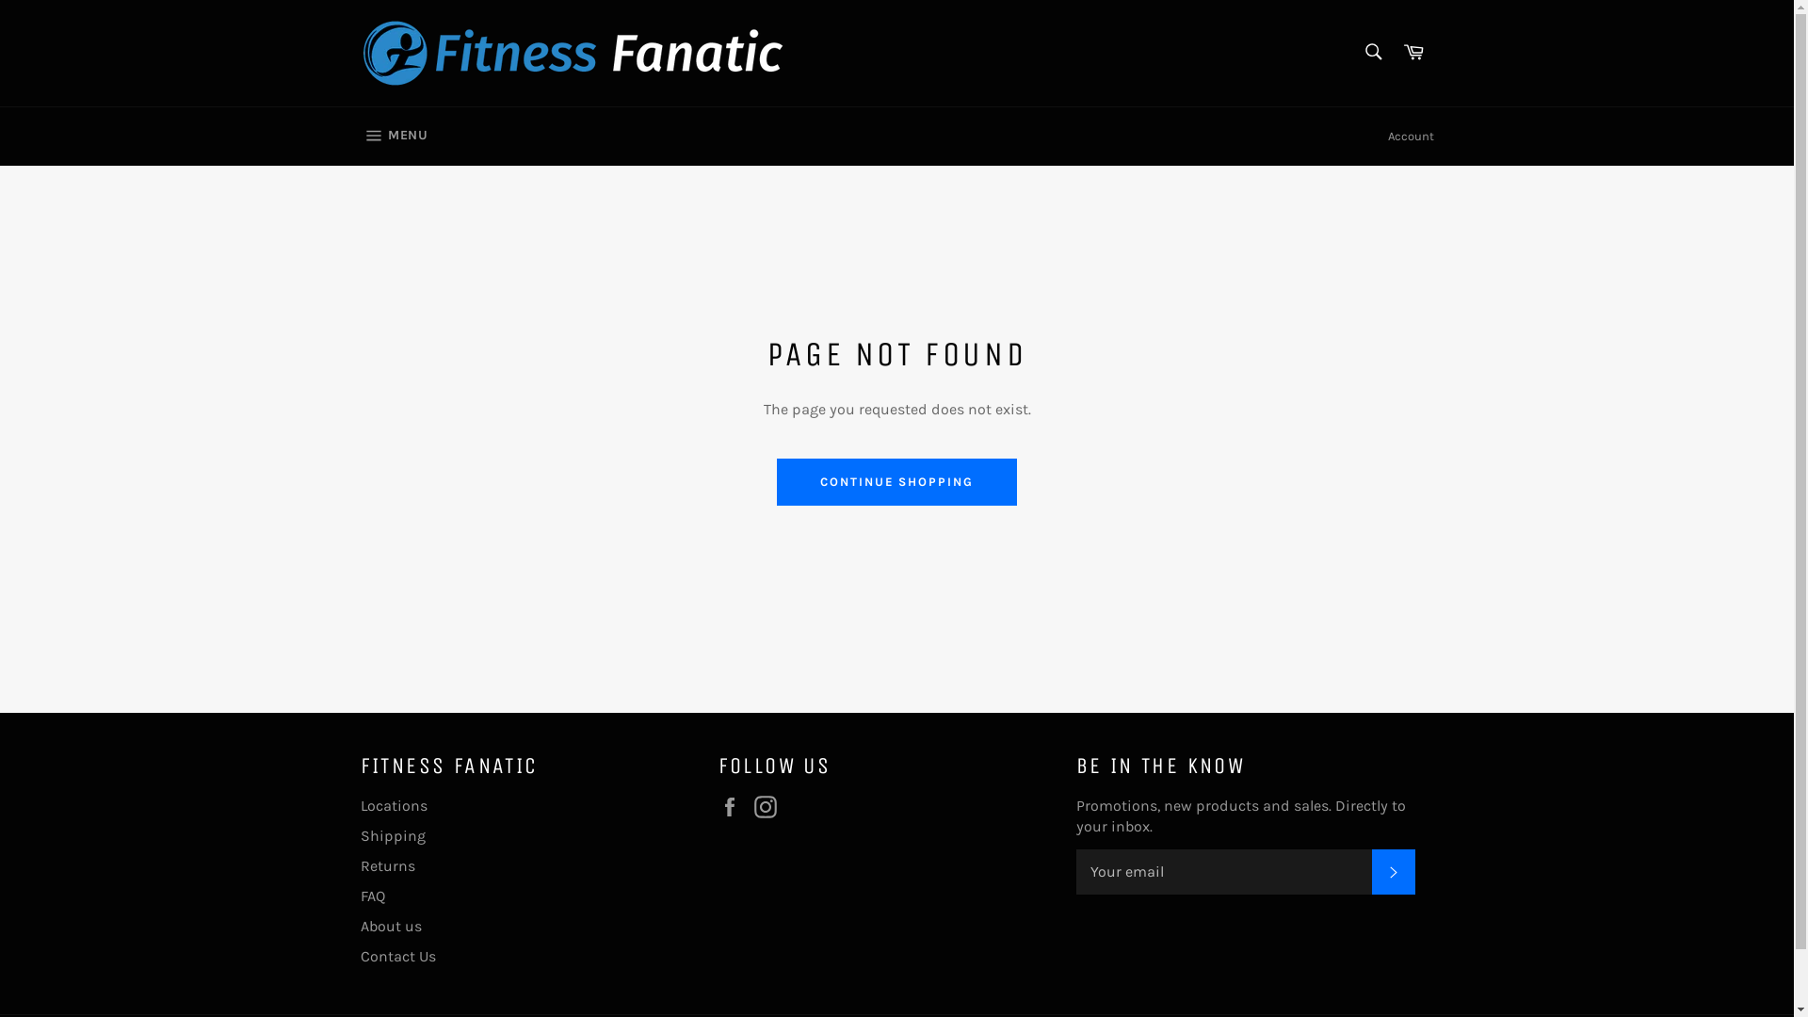 This screenshot has width=1808, height=1017. I want to click on 'About us', so click(389, 925).